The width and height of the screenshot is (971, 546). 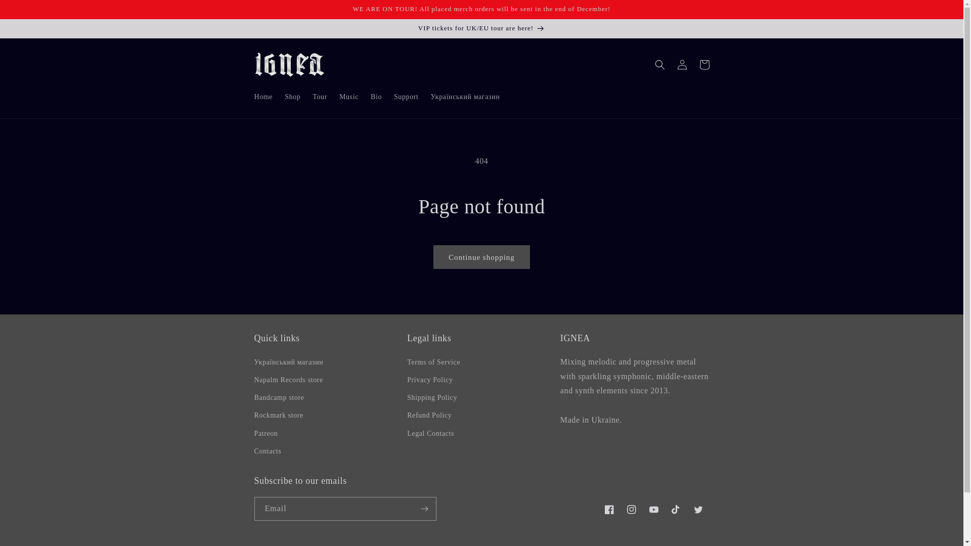 What do you see at coordinates (263, 97) in the screenshot?
I see `'Home'` at bounding box center [263, 97].